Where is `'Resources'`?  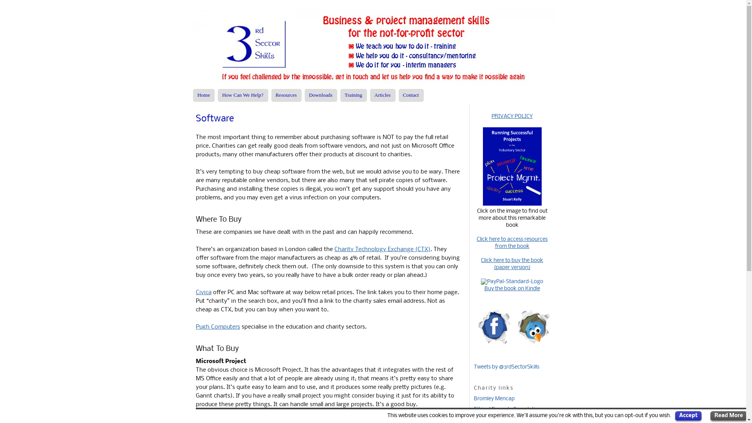 'Resources' is located at coordinates (286, 95).